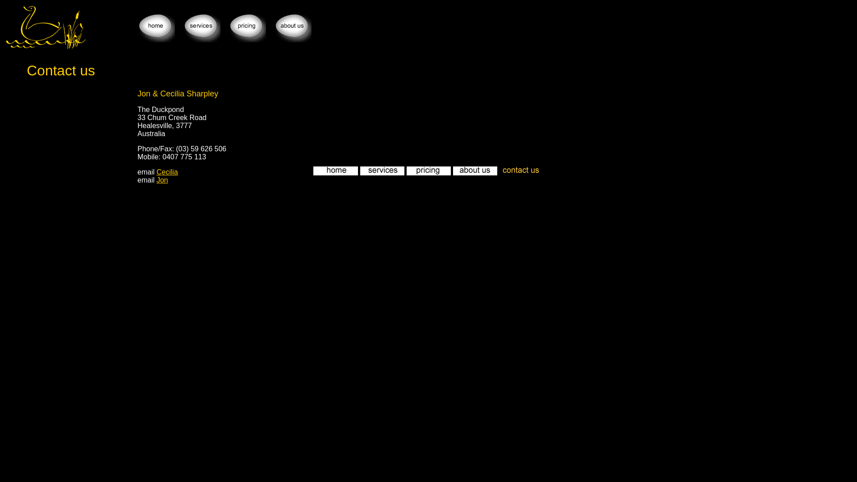 Image resolution: width=857 pixels, height=482 pixels. What do you see at coordinates (156, 180) in the screenshot?
I see `'Jon'` at bounding box center [156, 180].